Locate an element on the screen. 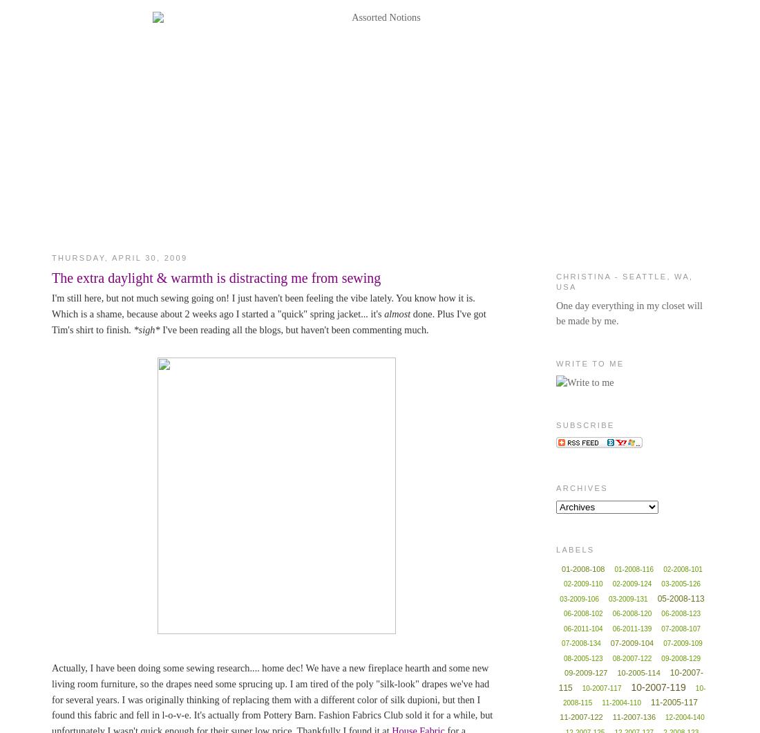 This screenshot has height=733, width=760. '10-2005-114' is located at coordinates (638, 671).